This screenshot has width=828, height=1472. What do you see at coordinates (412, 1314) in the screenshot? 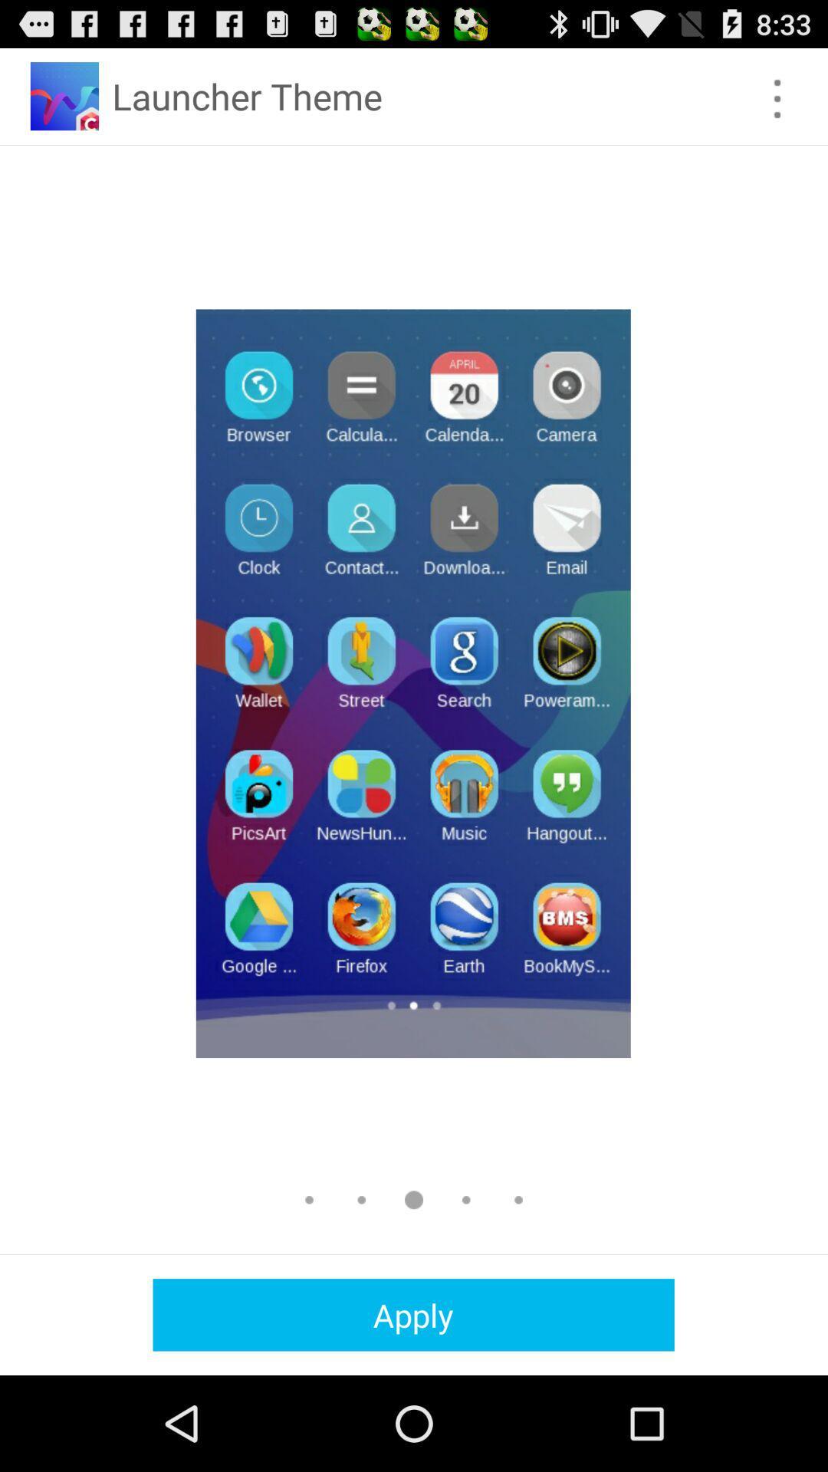
I see `the apply icon` at bounding box center [412, 1314].